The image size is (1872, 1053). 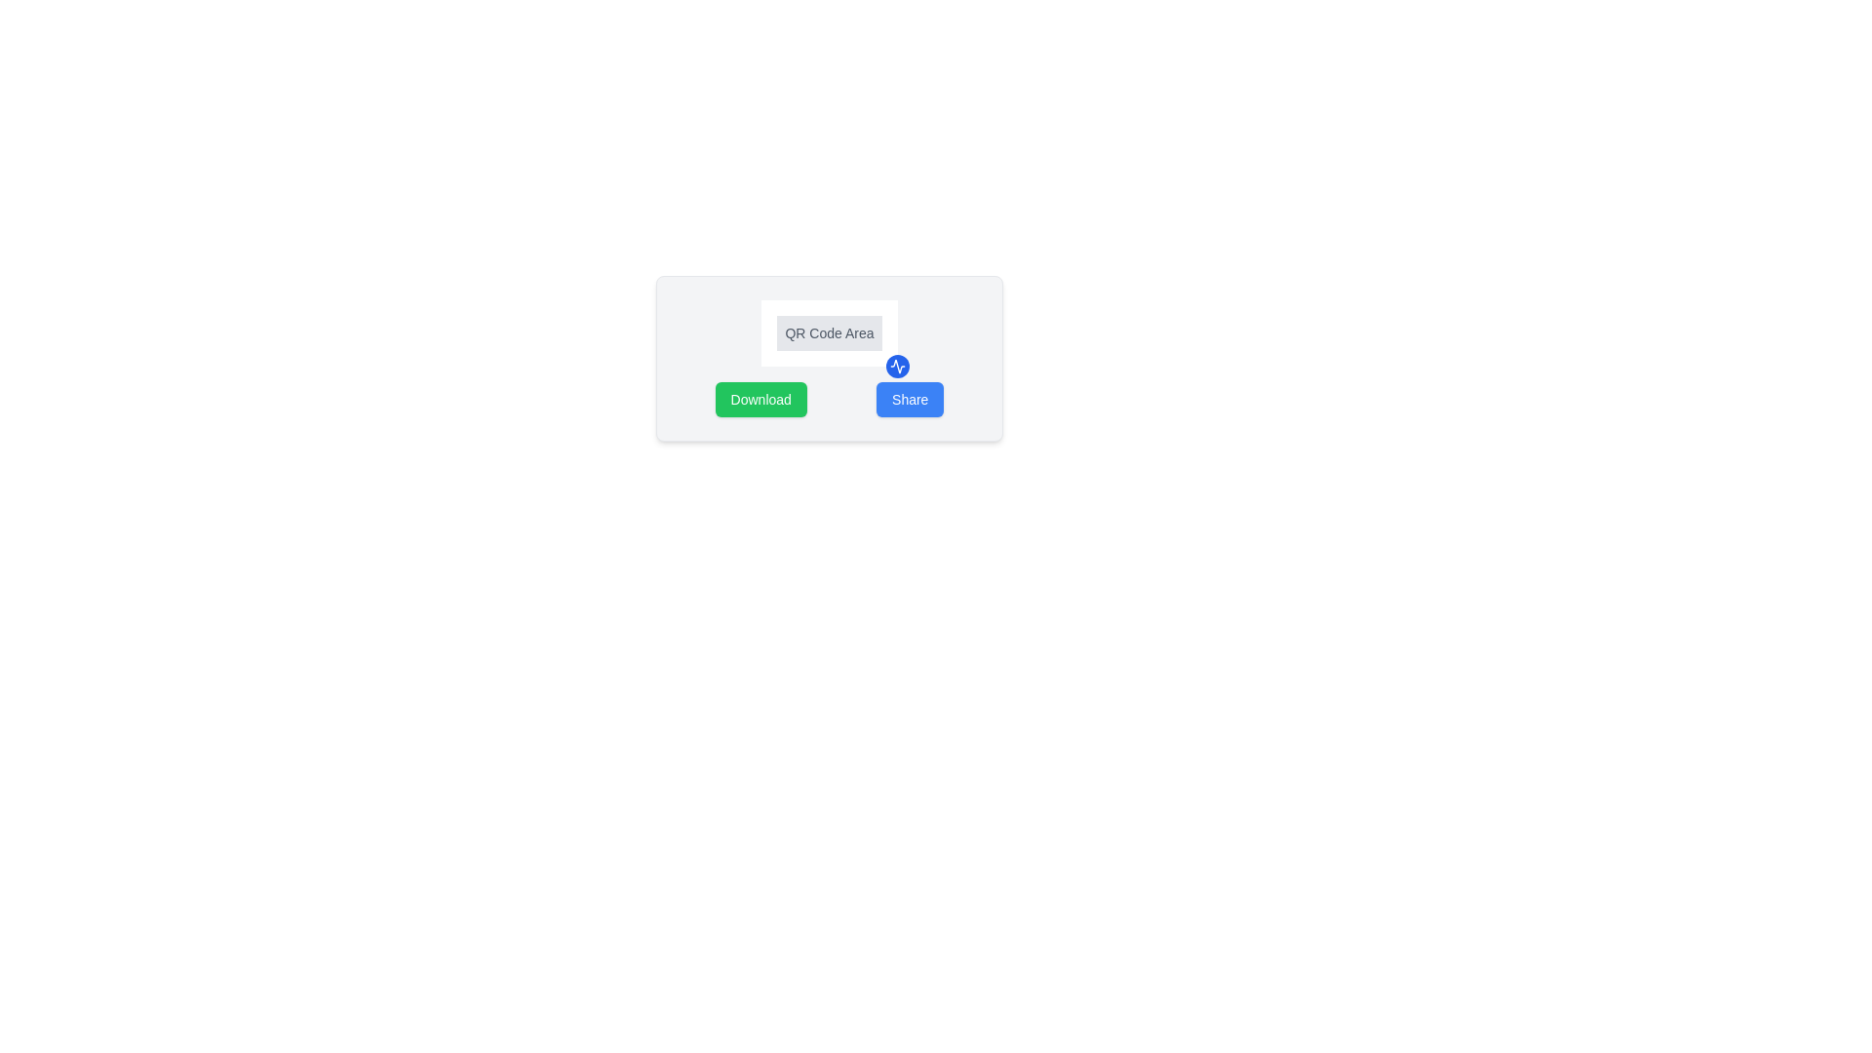 I want to click on the Icon Button located at the bottom-right corner of the 'QR Code Area' panel for accessibility interactions, so click(x=896, y=366).